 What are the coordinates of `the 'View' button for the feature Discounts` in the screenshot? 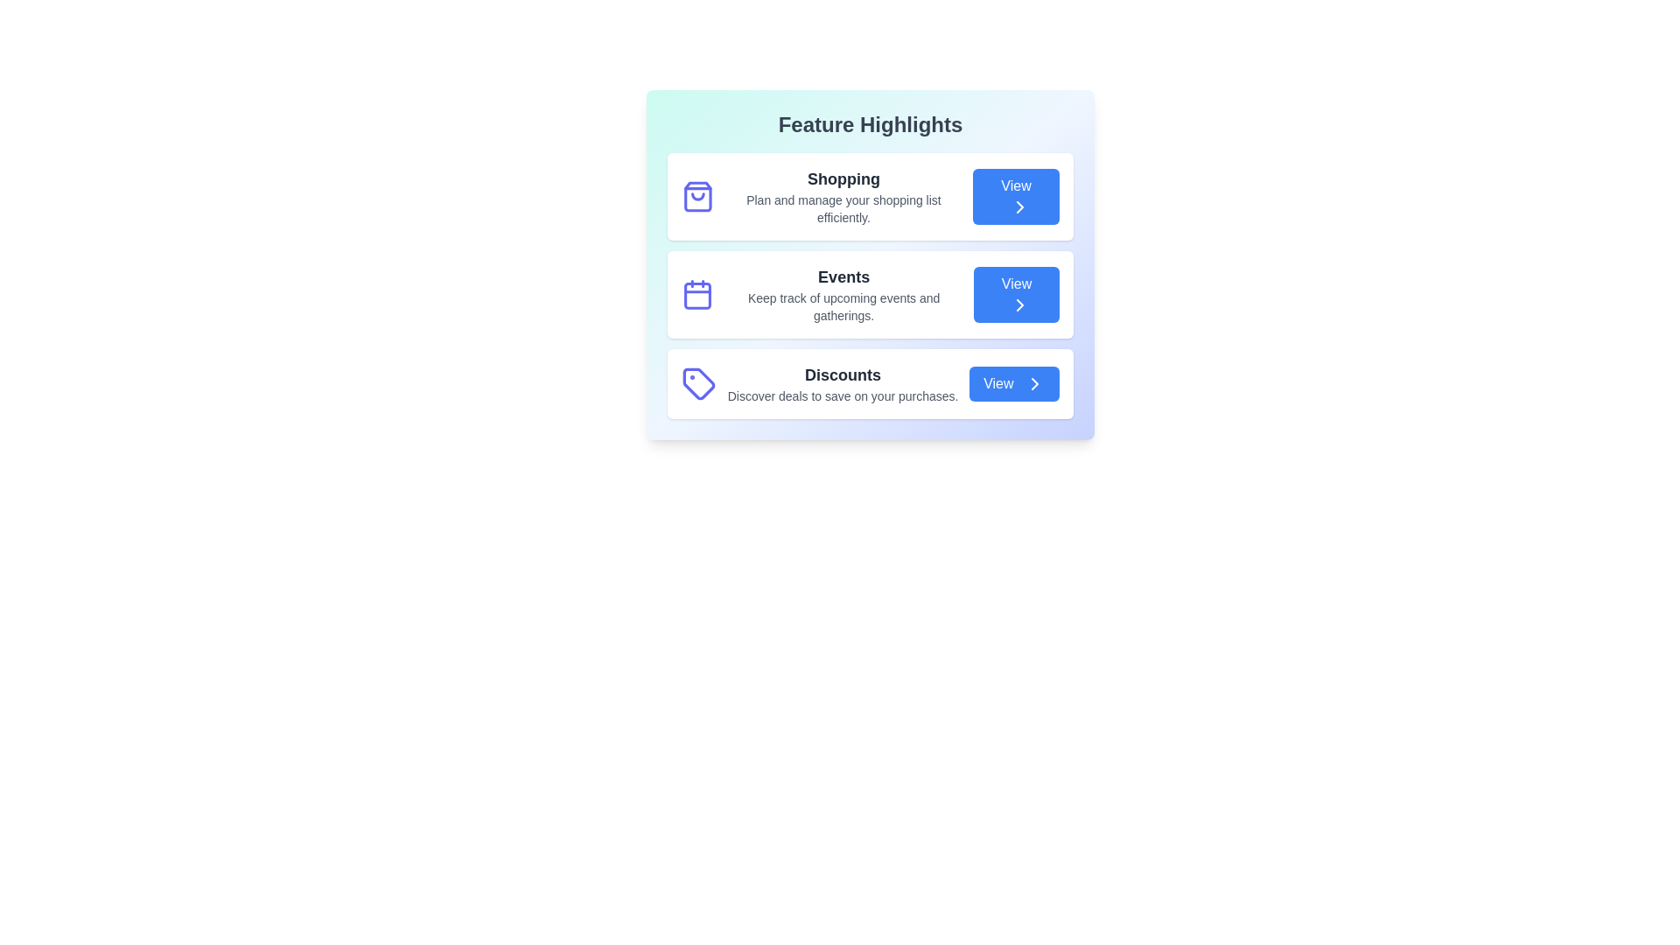 It's located at (1014, 383).